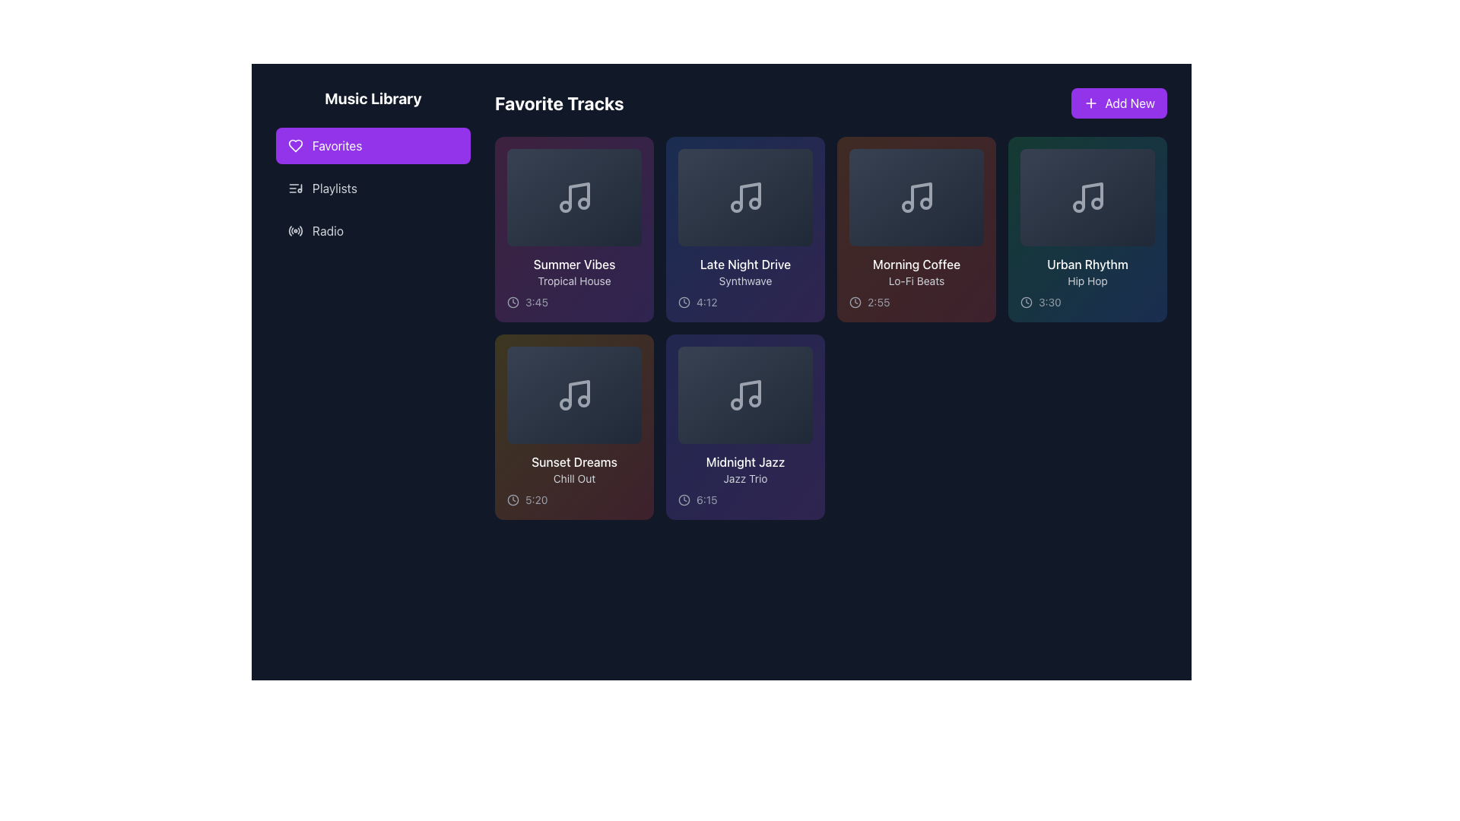  Describe the element at coordinates (327, 231) in the screenshot. I see `the text label for the Radio section of the Music Library` at that location.